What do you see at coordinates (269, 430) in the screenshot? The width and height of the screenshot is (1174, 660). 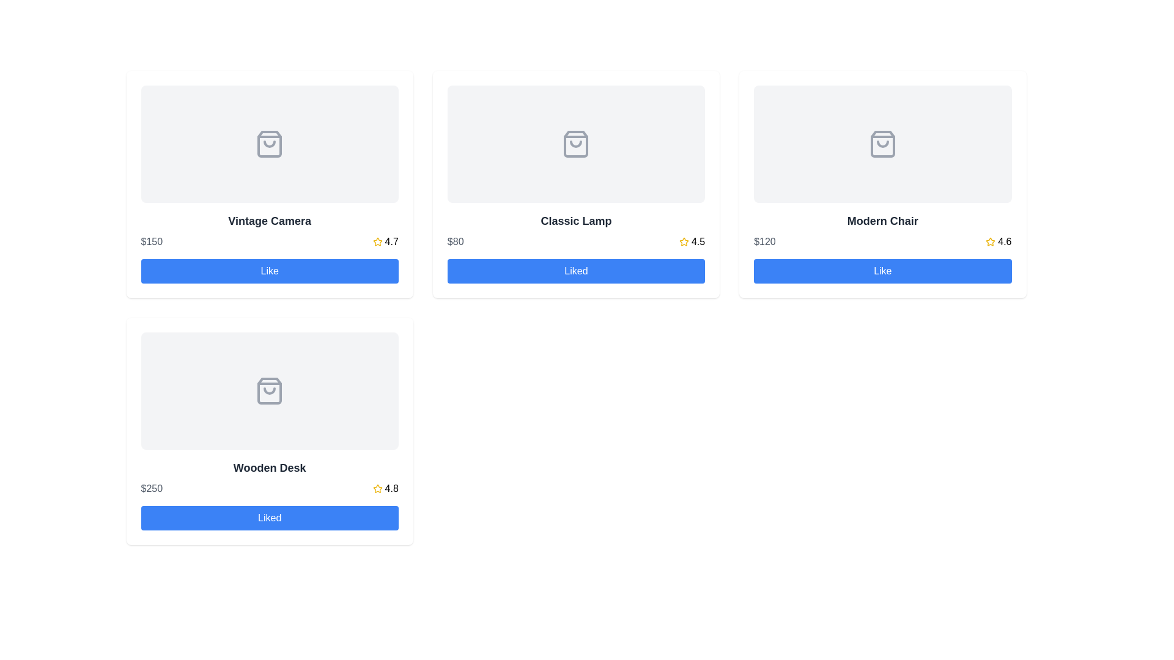 I see `the product information card for the Wooden Desk, located in the second row and first column of the grid layout` at bounding box center [269, 430].